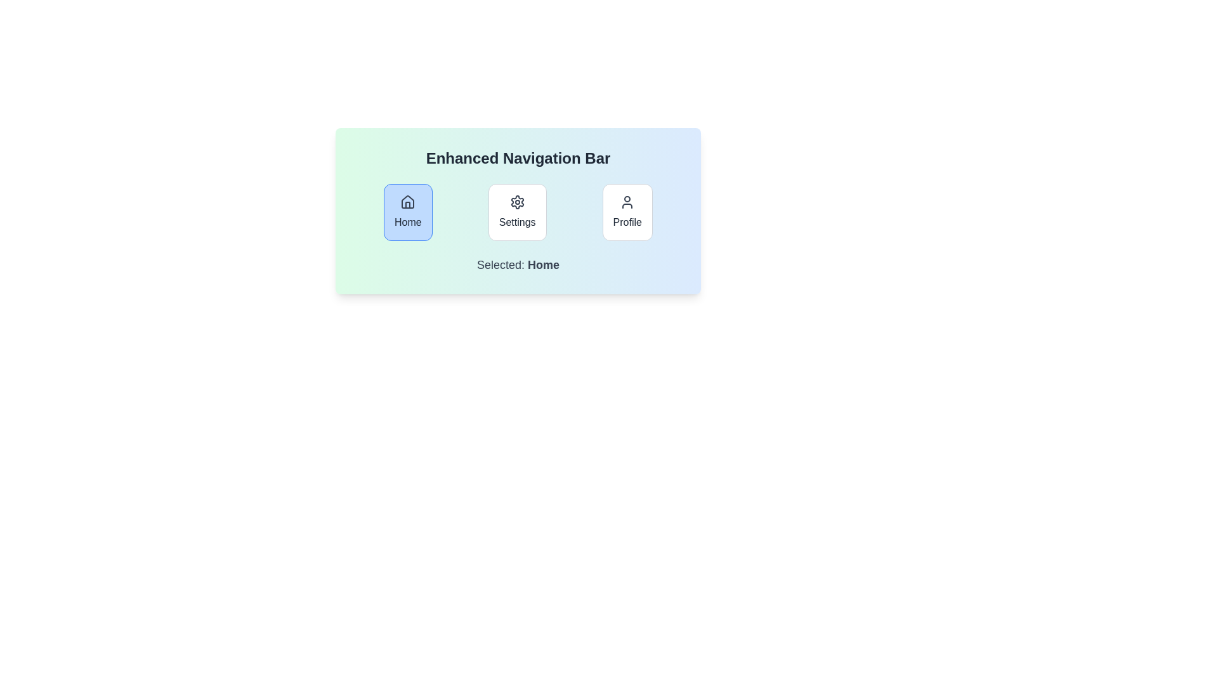 The height and width of the screenshot is (685, 1218). Describe the element at coordinates (627, 202) in the screenshot. I see `the user profile SVG icon located within the 'Profile' button on the right side of the navigation bar, which is styled in gray and has a circular head atop a wider shoulder base` at that location.